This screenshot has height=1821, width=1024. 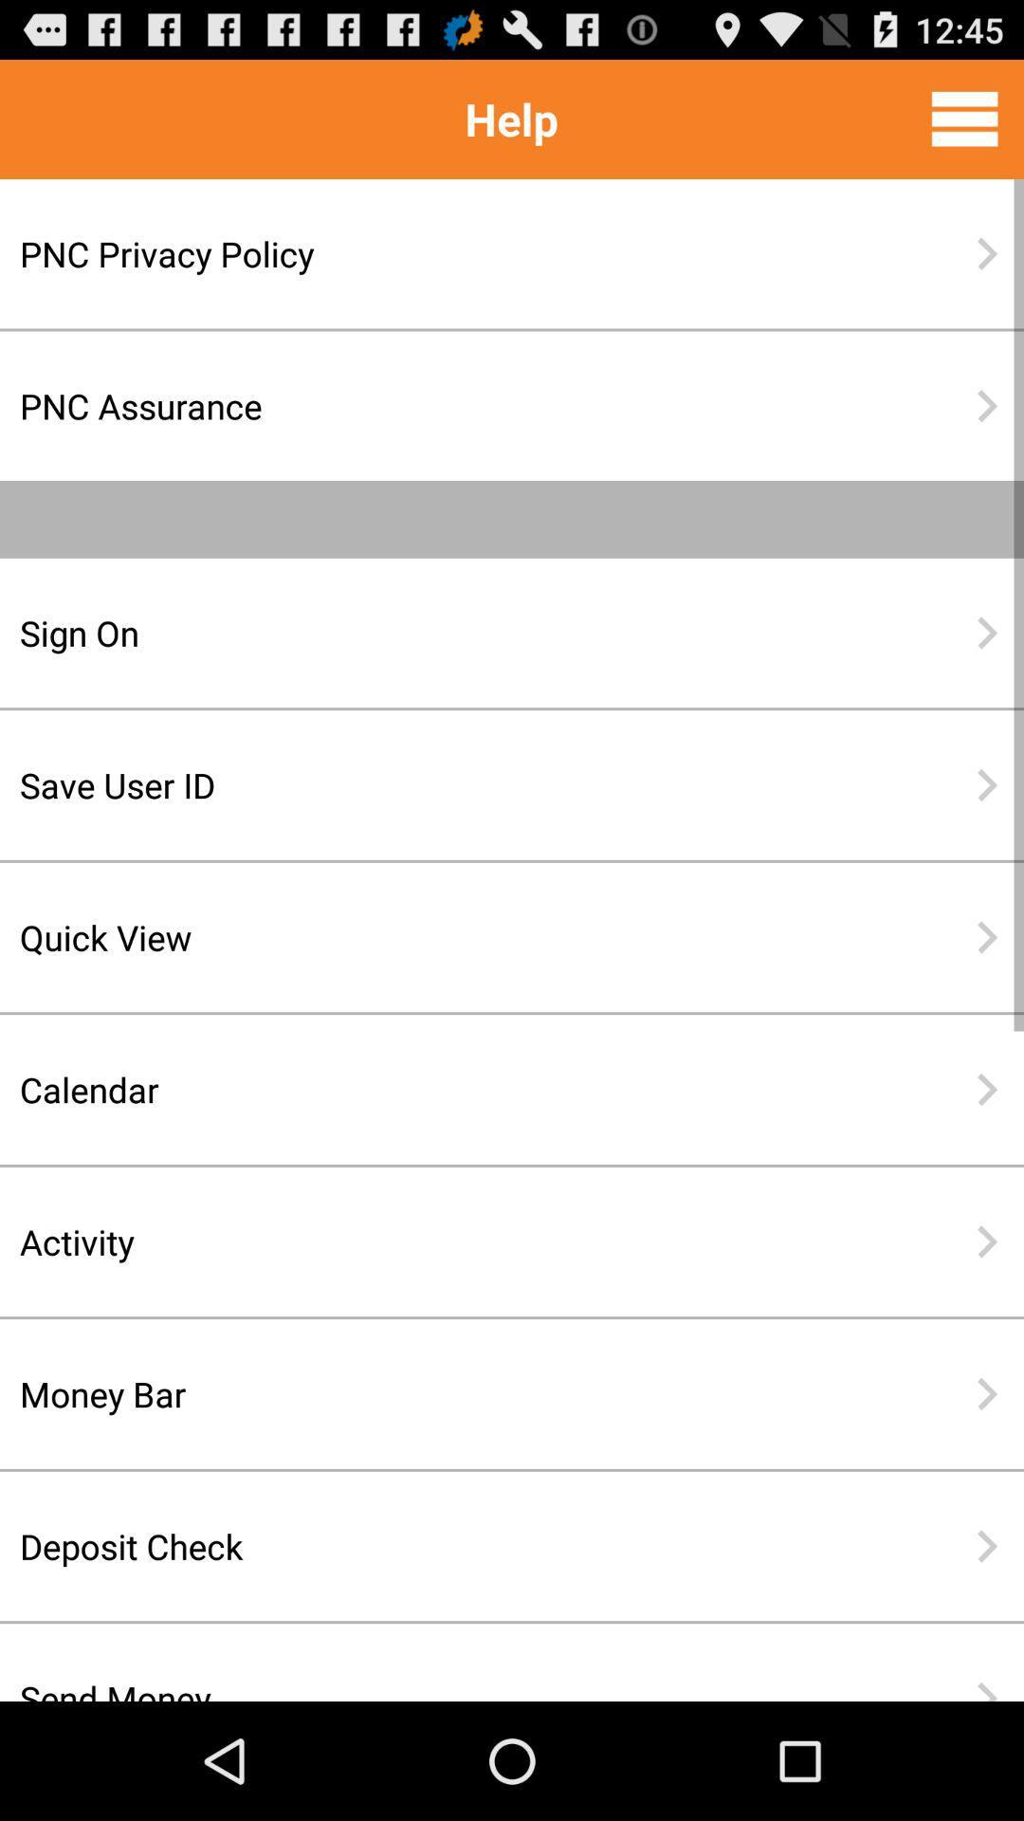 What do you see at coordinates (986, 1546) in the screenshot?
I see `the item to the right of the deposit check` at bounding box center [986, 1546].